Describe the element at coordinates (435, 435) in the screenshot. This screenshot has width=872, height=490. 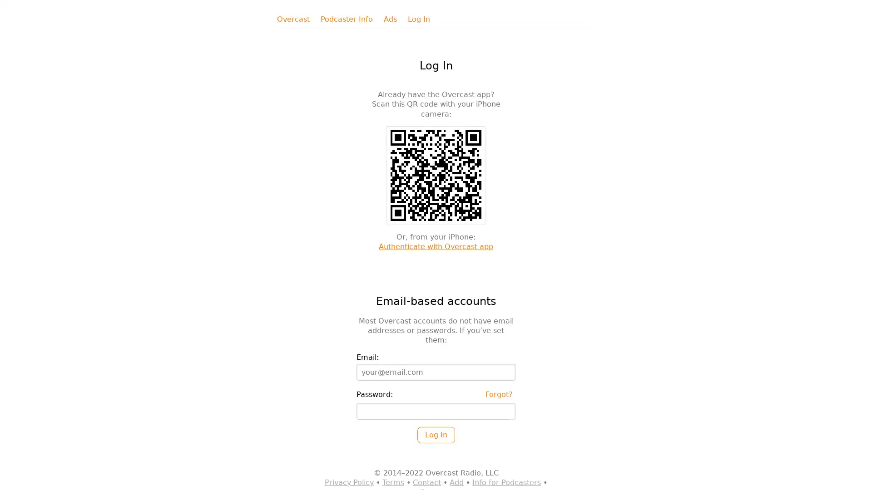
I see `Log In` at that location.